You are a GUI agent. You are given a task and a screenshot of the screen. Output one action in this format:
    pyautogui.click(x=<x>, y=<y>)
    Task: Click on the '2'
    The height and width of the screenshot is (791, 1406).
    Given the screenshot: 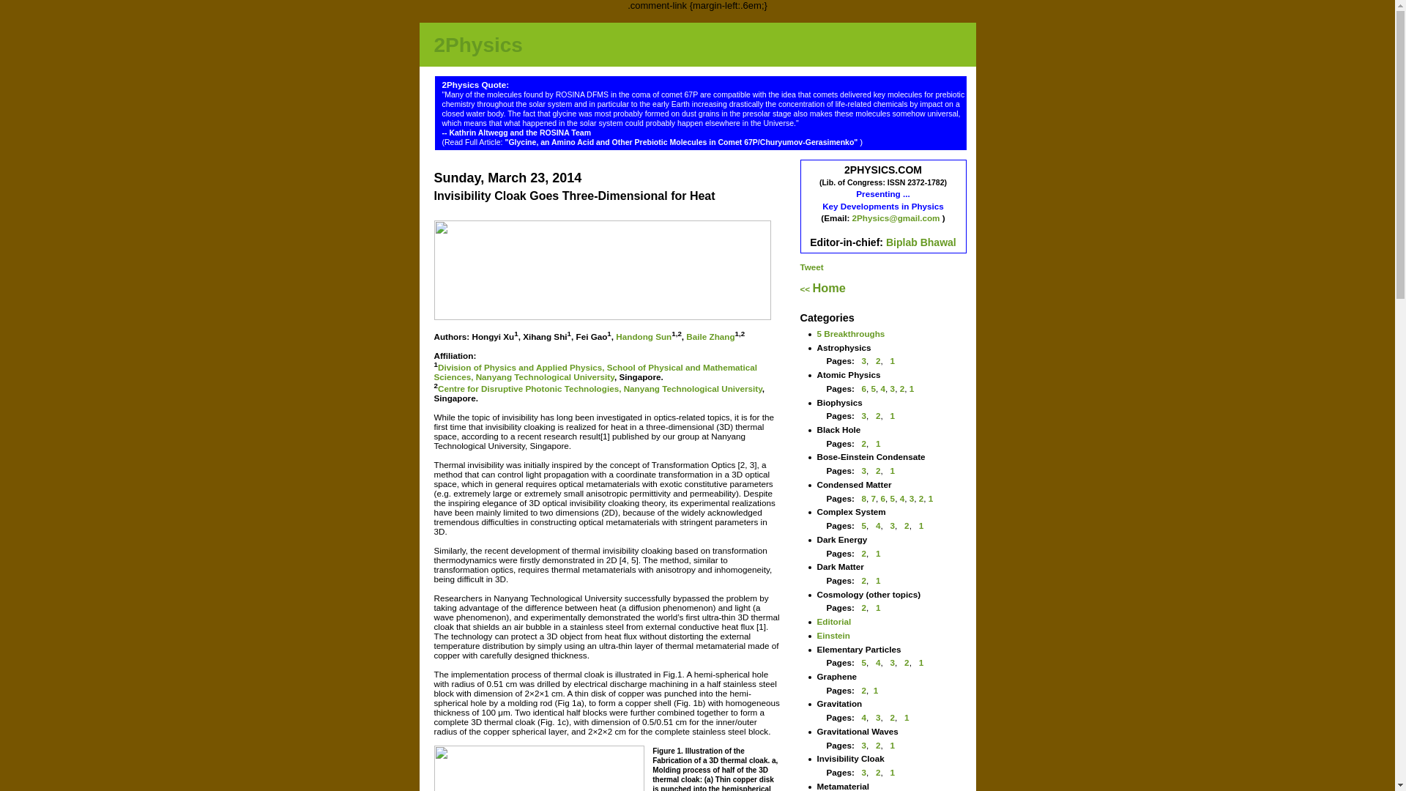 What is the action you would take?
    pyautogui.click(x=878, y=745)
    